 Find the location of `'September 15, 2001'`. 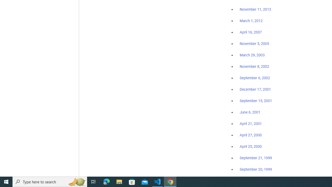

'September 15, 2001' is located at coordinates (256, 101).